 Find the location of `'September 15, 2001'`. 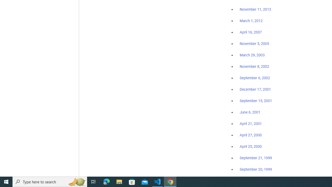

'September 15, 2001' is located at coordinates (256, 101).